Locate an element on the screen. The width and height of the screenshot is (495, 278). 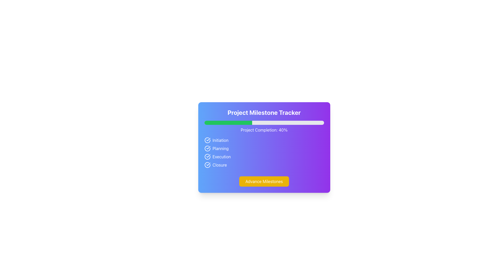
the completion status of the milestone represented by the circular checkmark icon located next to the text 'Closure' in the vertical milestone list is located at coordinates (207, 165).